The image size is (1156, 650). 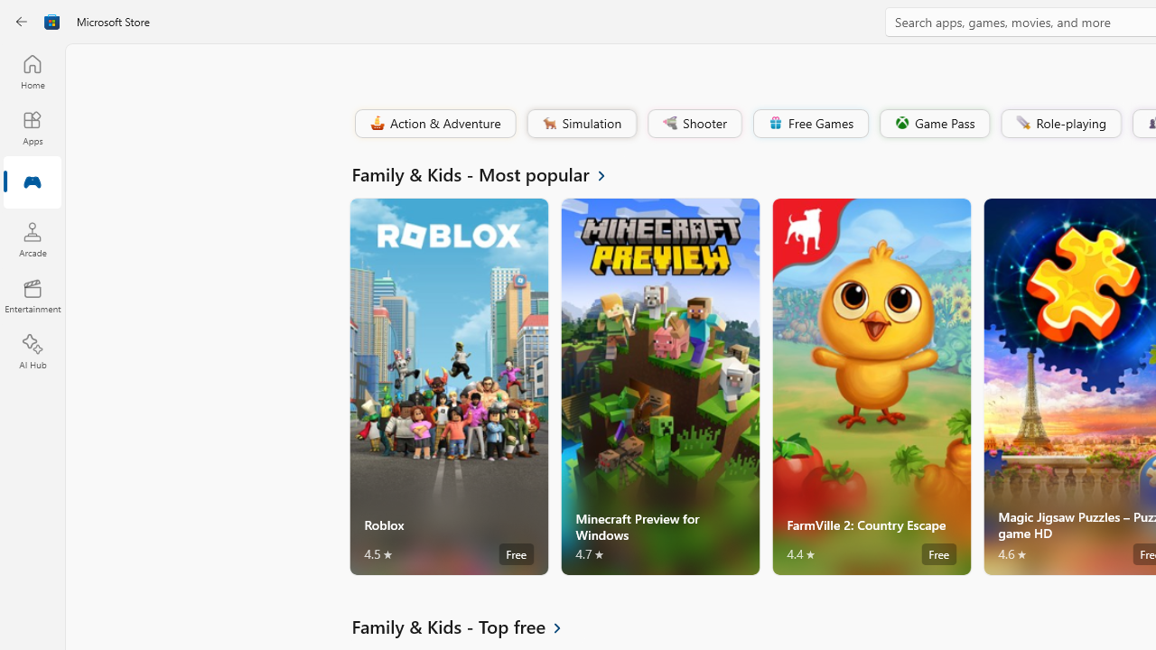 What do you see at coordinates (809, 122) in the screenshot?
I see `'Free Games'` at bounding box center [809, 122].